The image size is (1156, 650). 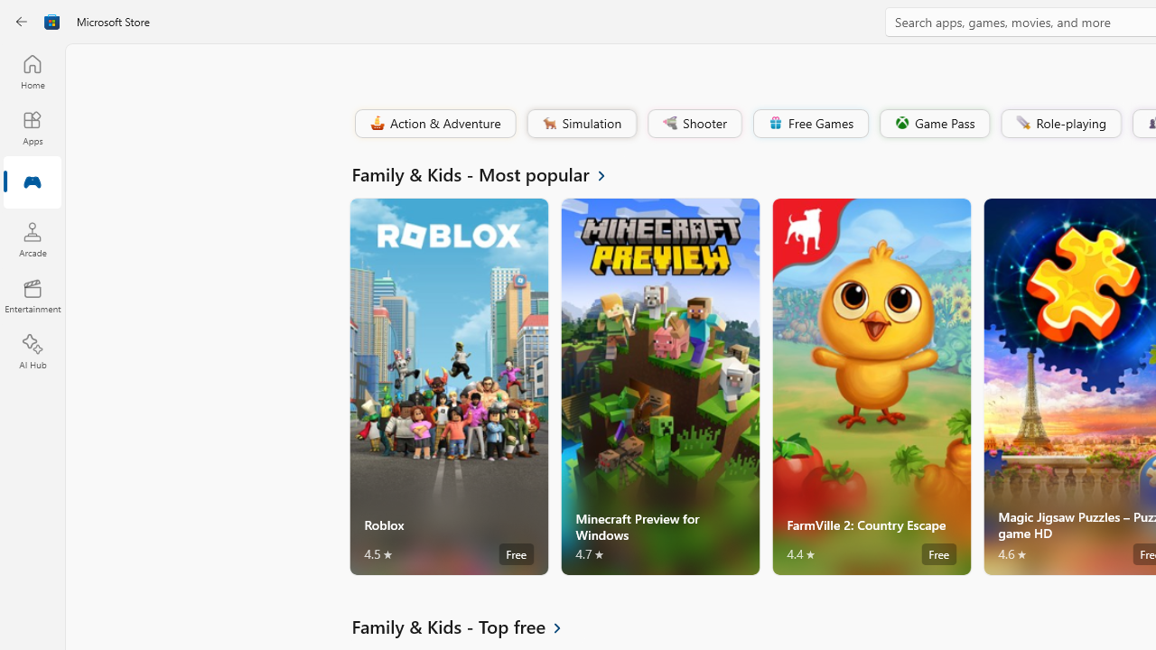 What do you see at coordinates (809, 122) in the screenshot?
I see `'Free Games'` at bounding box center [809, 122].